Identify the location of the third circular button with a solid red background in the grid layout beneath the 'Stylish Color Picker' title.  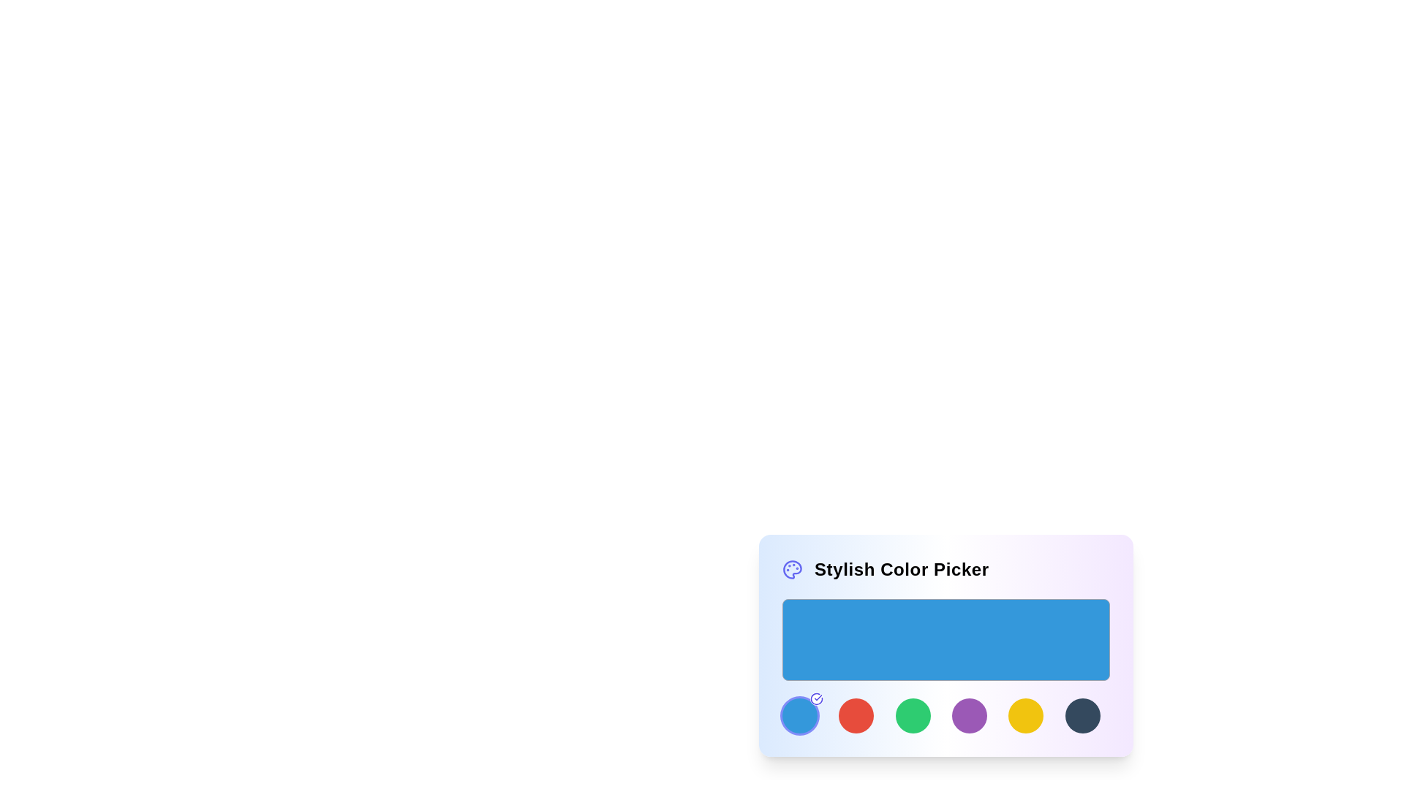
(856, 714).